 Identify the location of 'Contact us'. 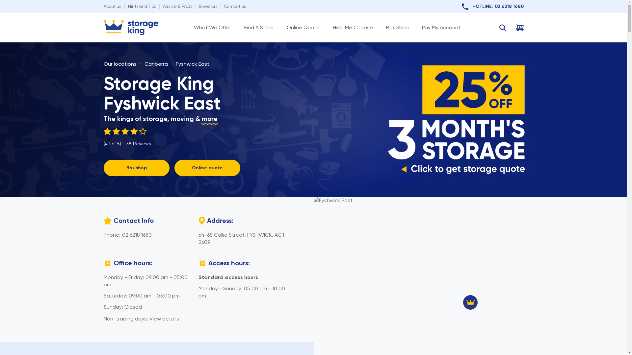
(235, 6).